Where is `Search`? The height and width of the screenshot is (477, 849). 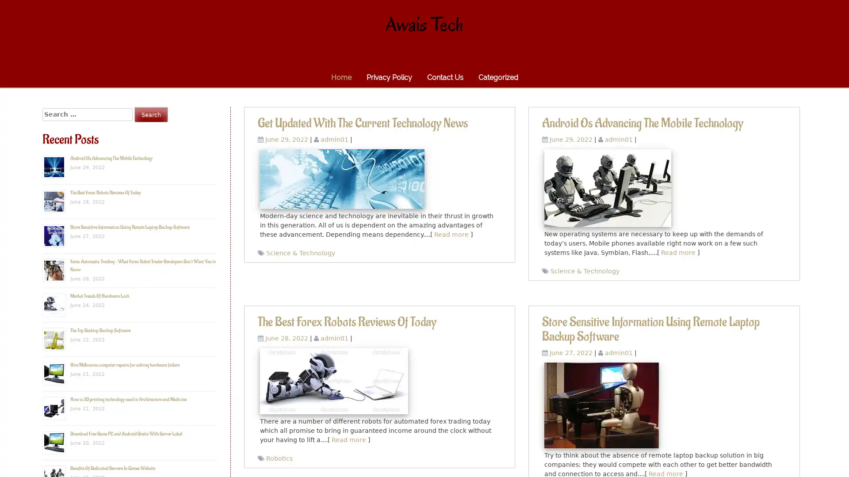 Search is located at coordinates (151, 114).